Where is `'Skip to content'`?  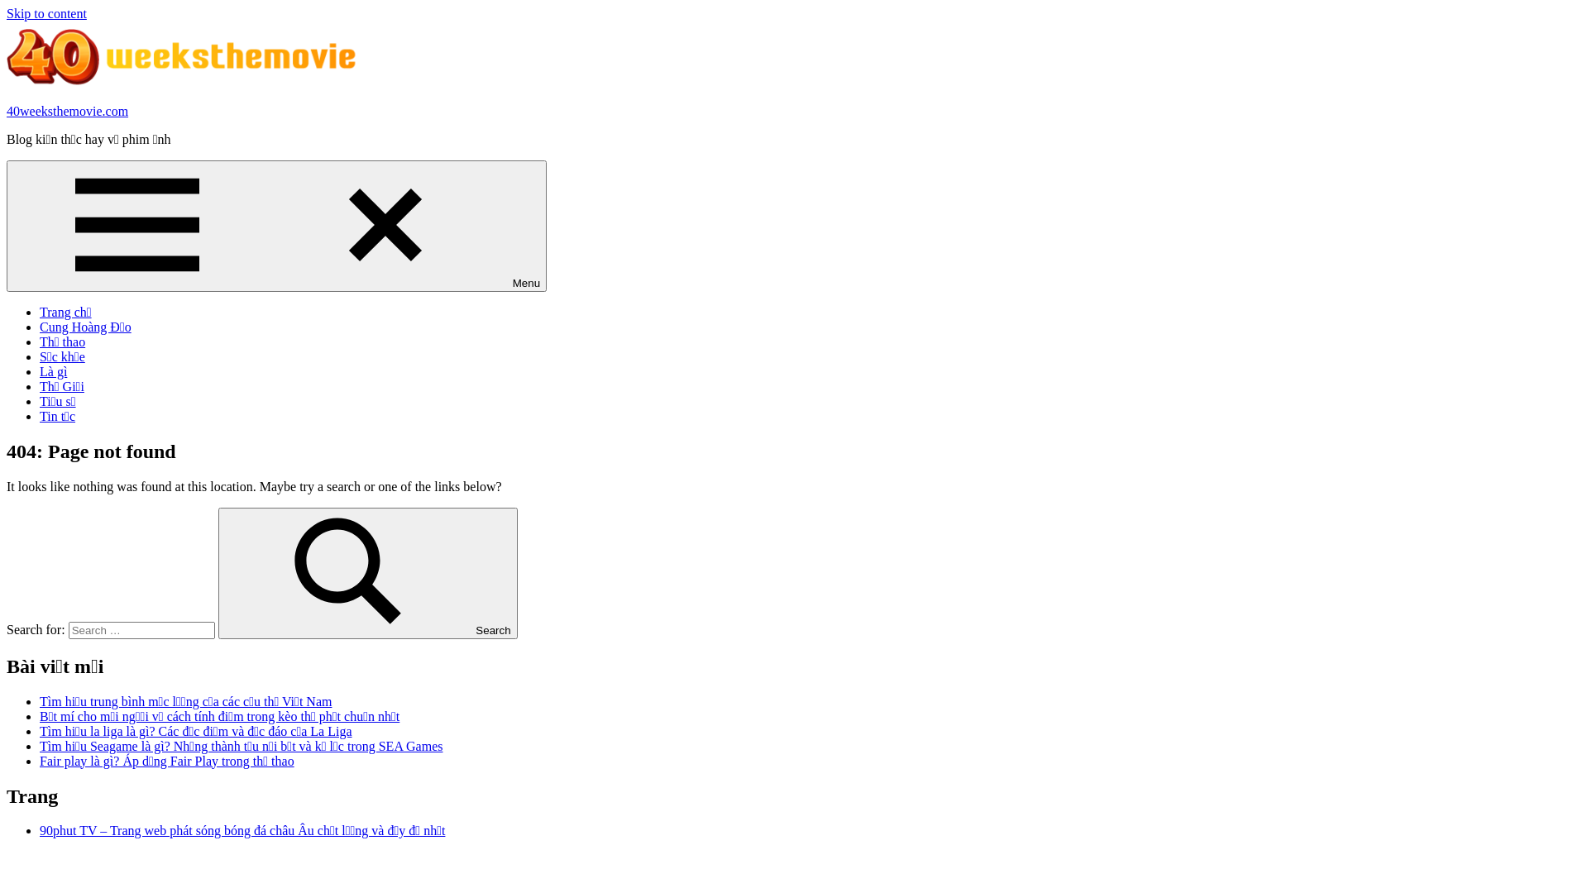
'Skip to content' is located at coordinates (46, 13).